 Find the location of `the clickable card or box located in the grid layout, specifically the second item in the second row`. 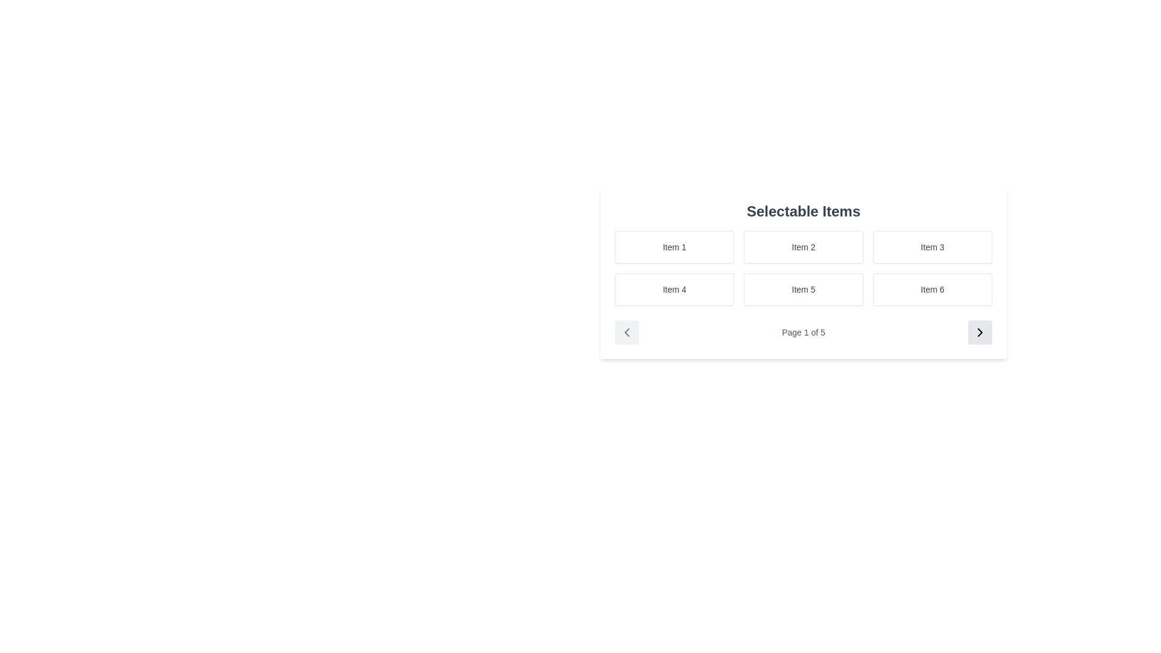

the clickable card or box located in the grid layout, specifically the second item in the second row is located at coordinates (804, 289).